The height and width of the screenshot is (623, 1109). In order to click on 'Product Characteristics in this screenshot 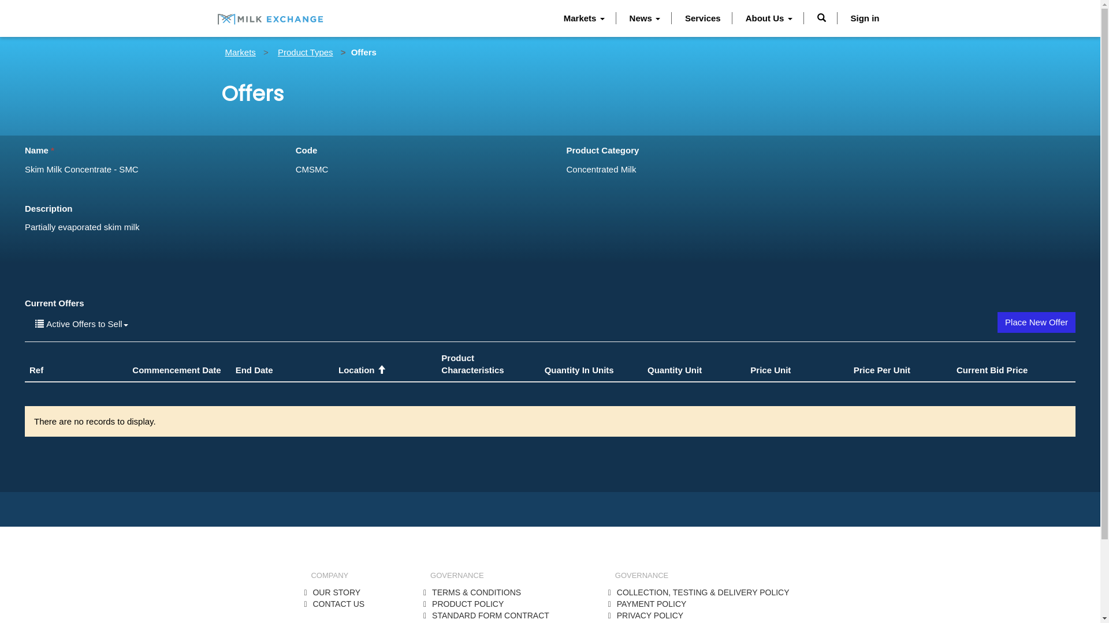, I will do `click(440, 364)`.